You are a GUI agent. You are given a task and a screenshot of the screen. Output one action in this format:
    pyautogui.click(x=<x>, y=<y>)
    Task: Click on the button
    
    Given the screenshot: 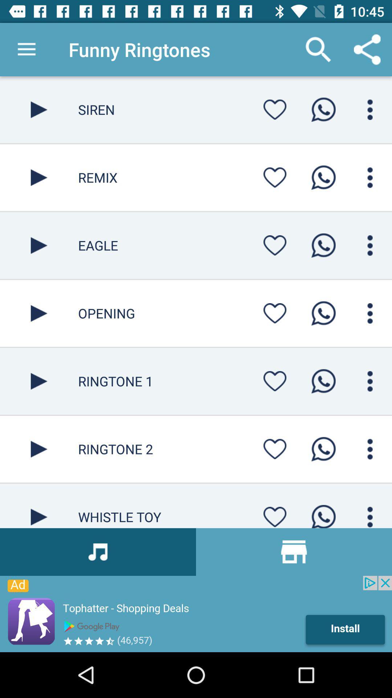 What is the action you would take?
    pyautogui.click(x=39, y=313)
    